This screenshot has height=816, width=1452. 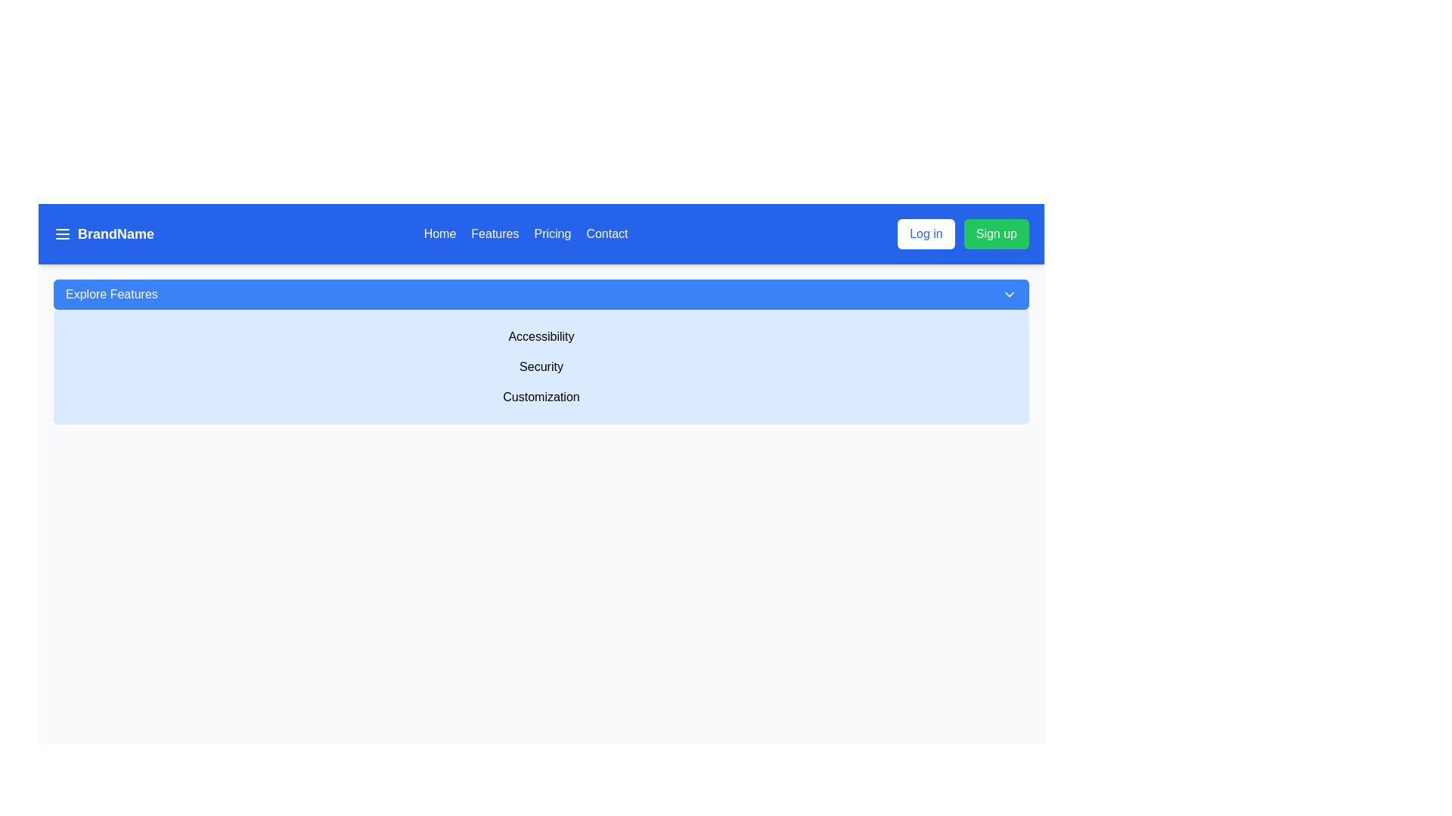 What do you see at coordinates (526, 233) in the screenshot?
I see `the Navigation menu located at the center of the top bar, which provides access to main sections like 'Home,' 'Features,' 'Pricing,' and 'Contact.'` at bounding box center [526, 233].